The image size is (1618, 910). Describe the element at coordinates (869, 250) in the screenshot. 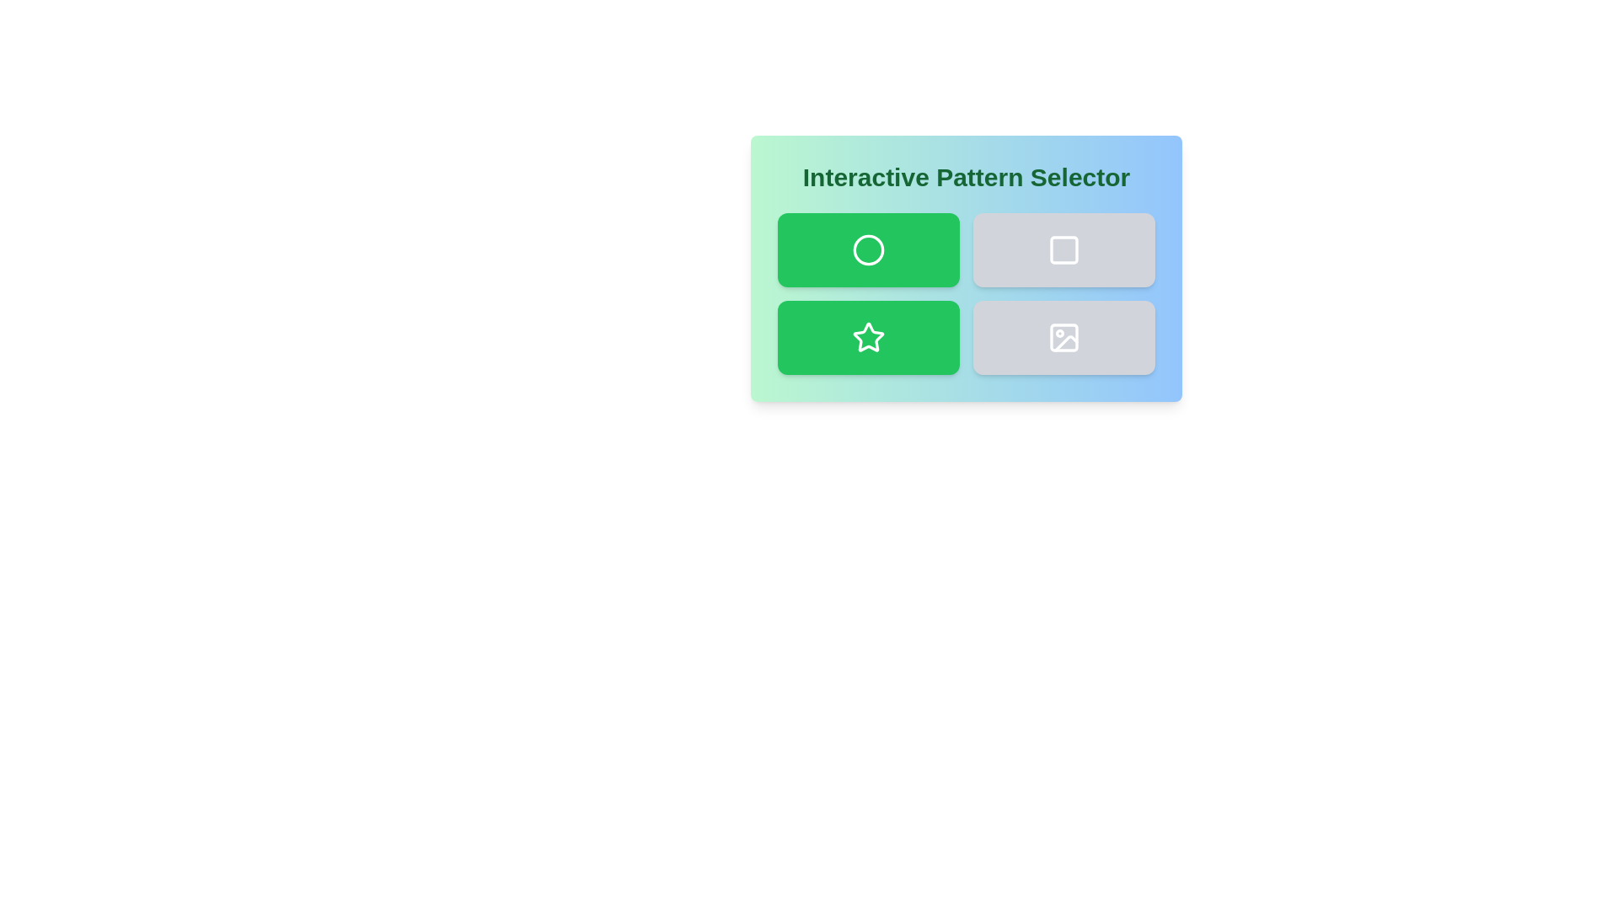

I see `the button corresponding to Circle` at that location.